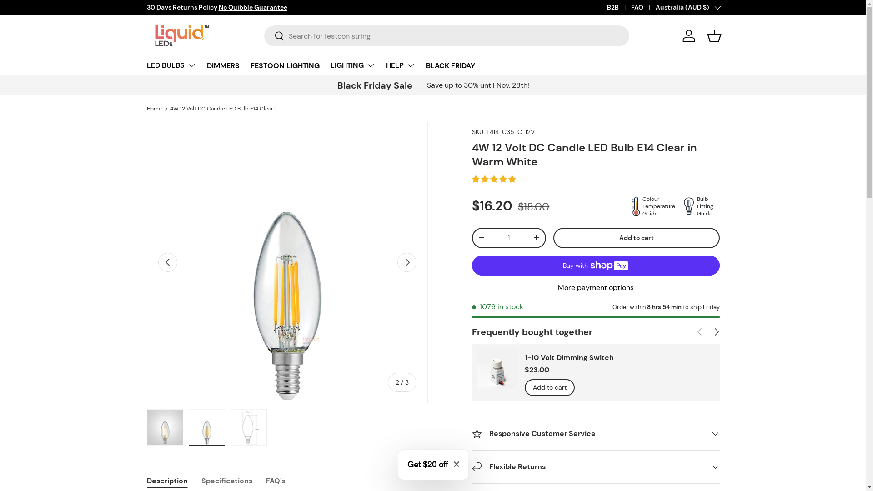 This screenshot has width=873, height=491. I want to click on 'Basket', so click(713, 35).